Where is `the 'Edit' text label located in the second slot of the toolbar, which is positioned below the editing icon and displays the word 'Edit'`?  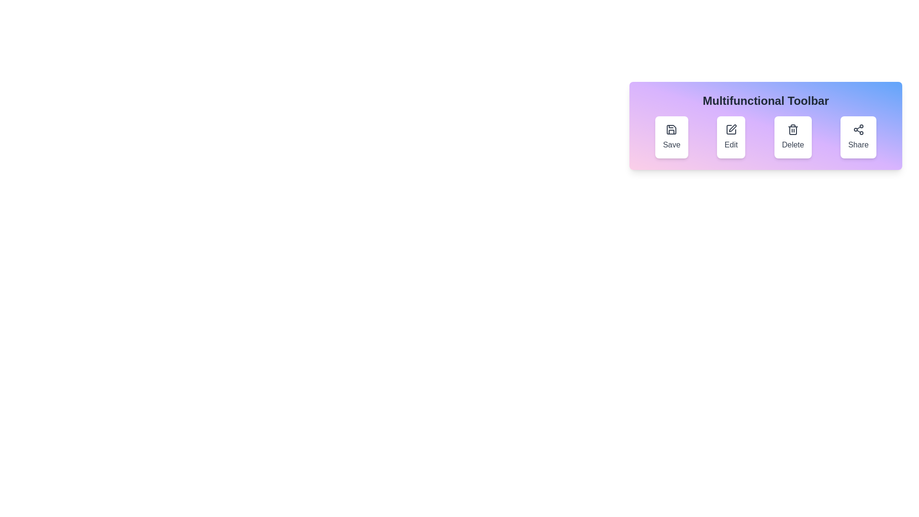 the 'Edit' text label located in the second slot of the toolbar, which is positioned below the editing icon and displays the word 'Edit' is located at coordinates (730, 145).